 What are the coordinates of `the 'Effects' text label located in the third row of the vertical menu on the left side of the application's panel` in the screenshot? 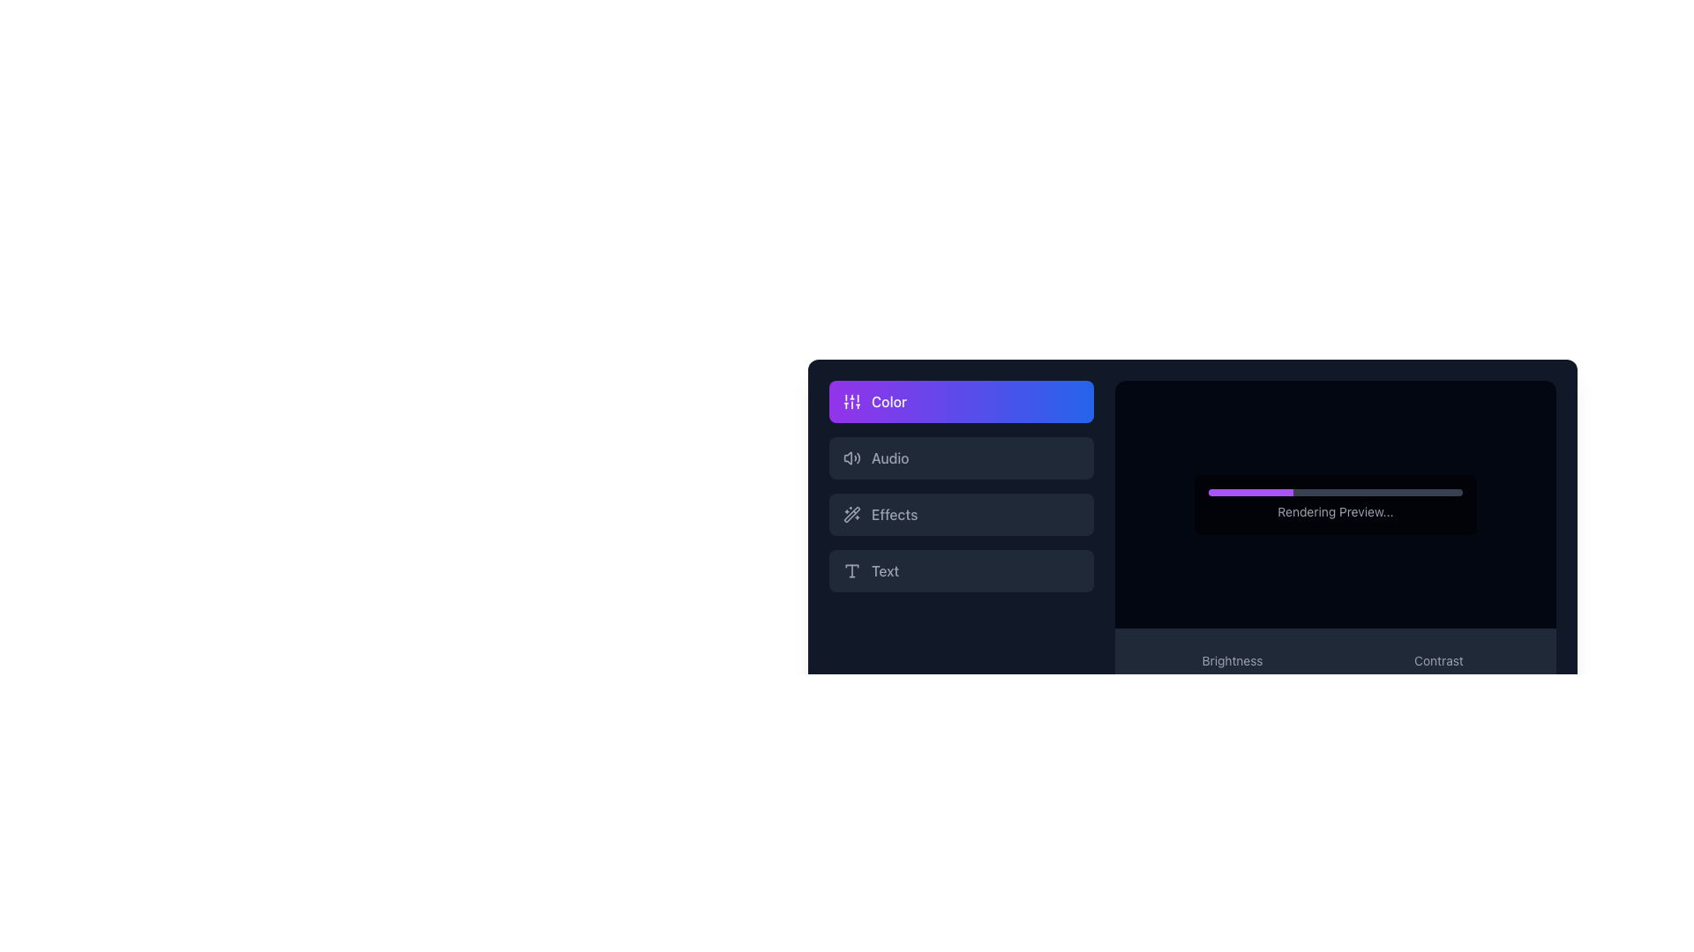 It's located at (895, 514).